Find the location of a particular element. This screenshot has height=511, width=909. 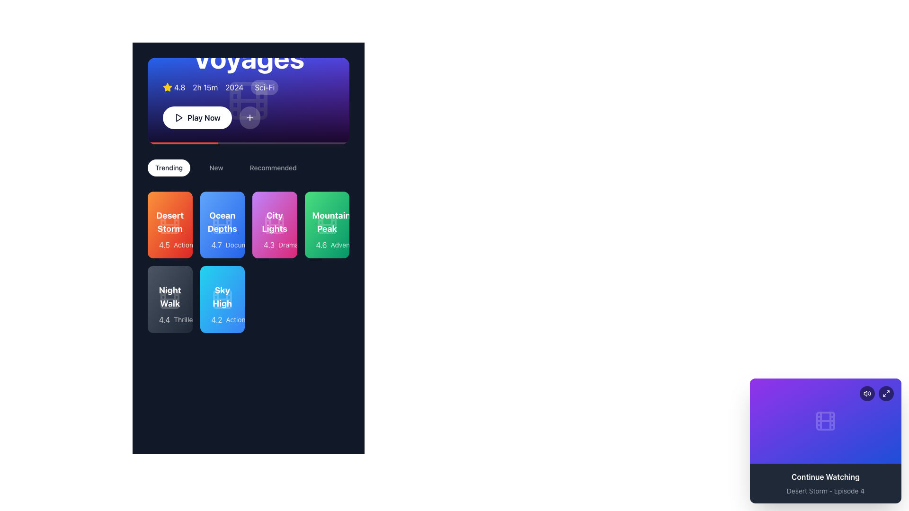

the text label displaying 'Desert Storm - Episode 4', which is styled in gray and positioned below the 'Continue Watching' label on a card with a purple gradient background is located at coordinates (825, 490).